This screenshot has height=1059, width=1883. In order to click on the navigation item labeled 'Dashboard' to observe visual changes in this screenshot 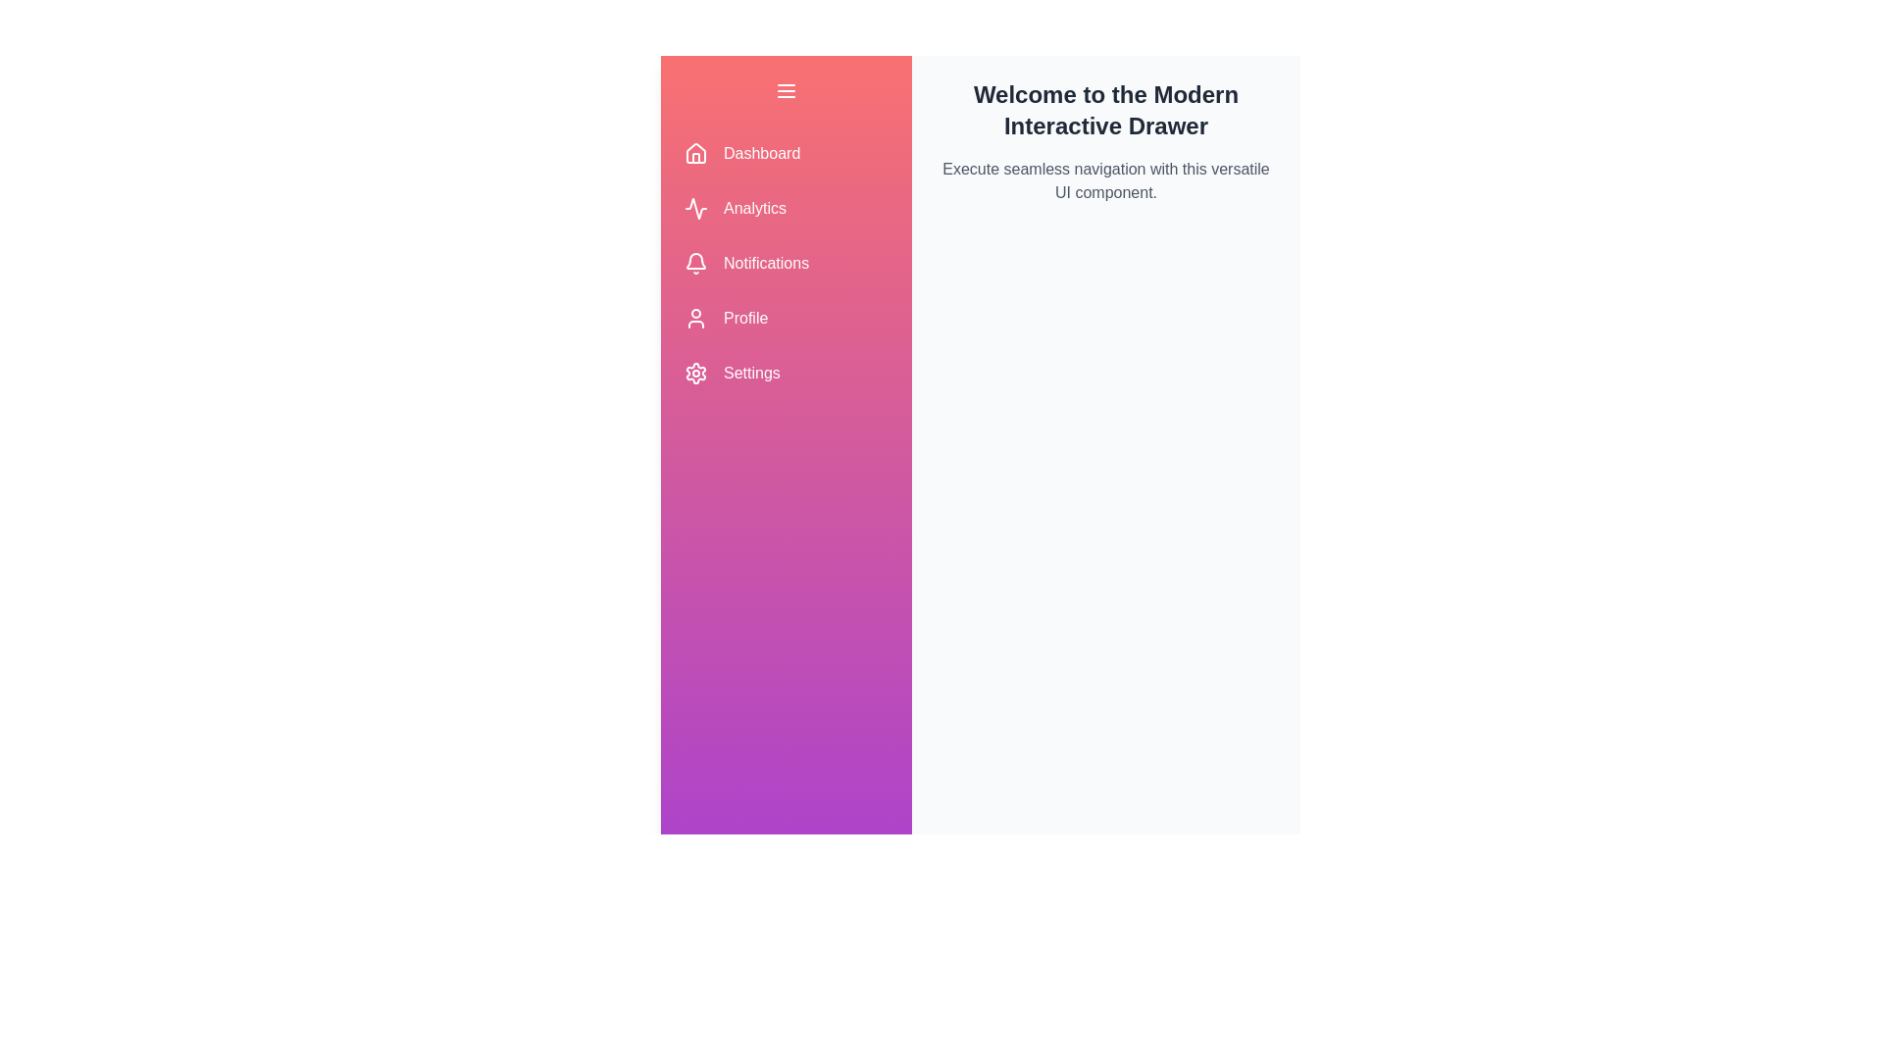, I will do `click(786, 153)`.